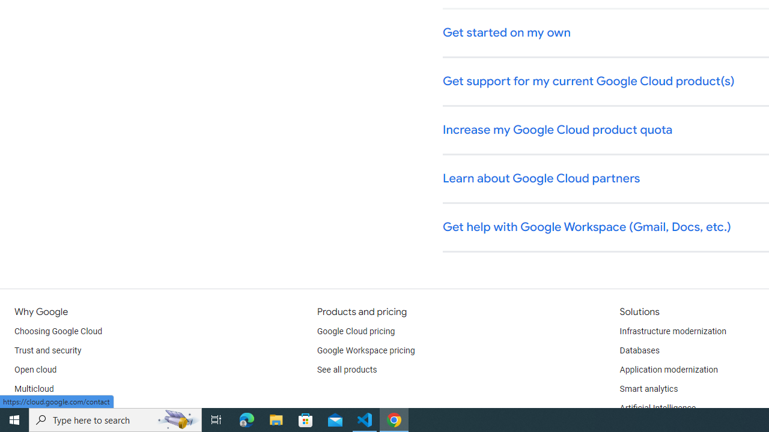 This screenshot has width=769, height=432. Describe the element at coordinates (648, 389) in the screenshot. I see `'Smart analytics'` at that location.